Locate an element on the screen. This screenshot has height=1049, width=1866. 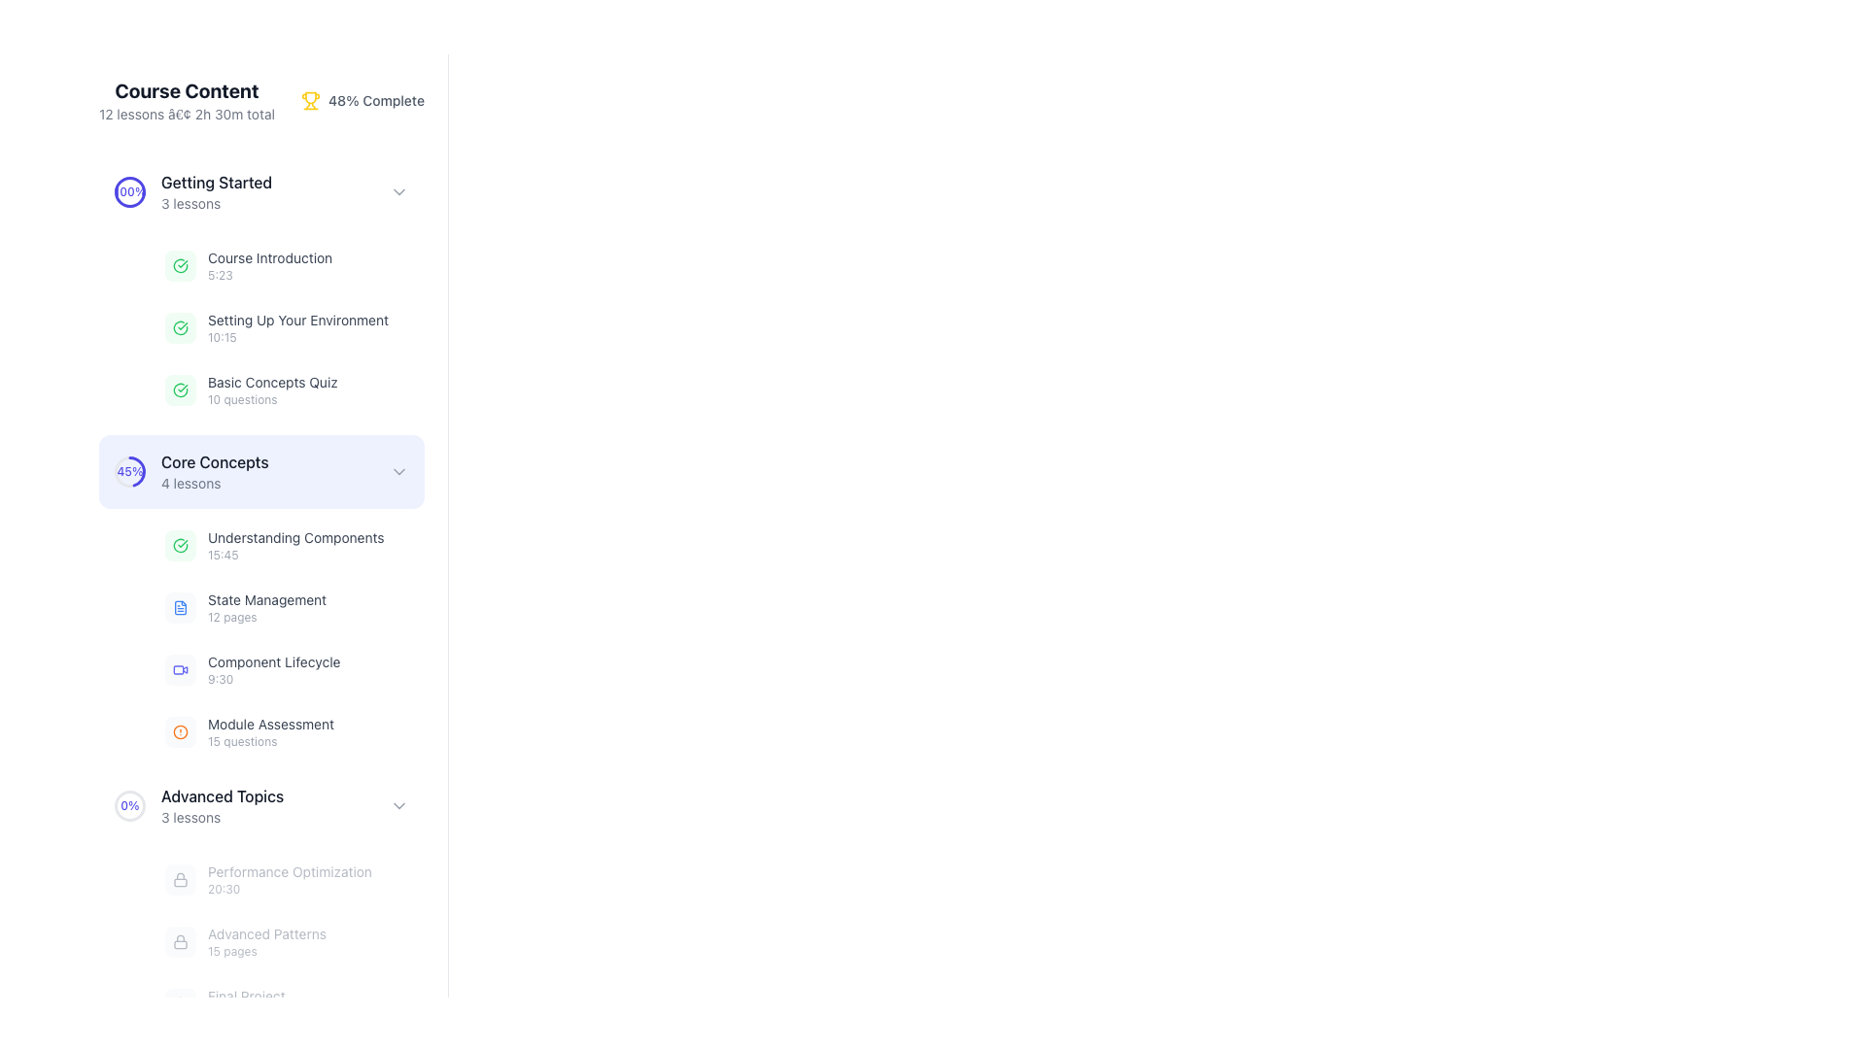
the text label representing a lesson or topic in the course curriculum, located in the 'Core Concepts' section, above the timestamp '9:30' is located at coordinates (273, 661).